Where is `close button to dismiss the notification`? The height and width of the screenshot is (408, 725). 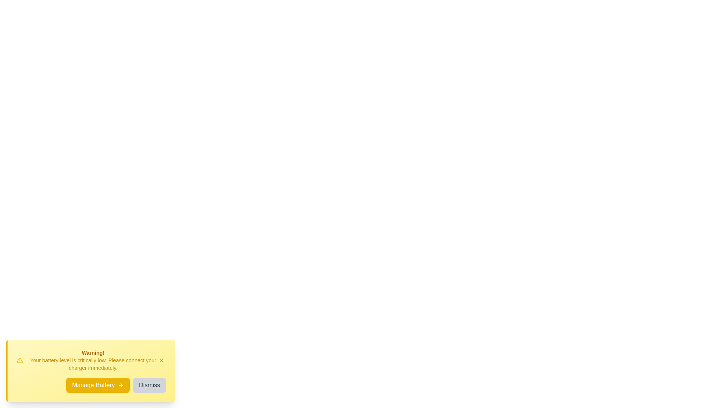 close button to dismiss the notification is located at coordinates (161, 360).